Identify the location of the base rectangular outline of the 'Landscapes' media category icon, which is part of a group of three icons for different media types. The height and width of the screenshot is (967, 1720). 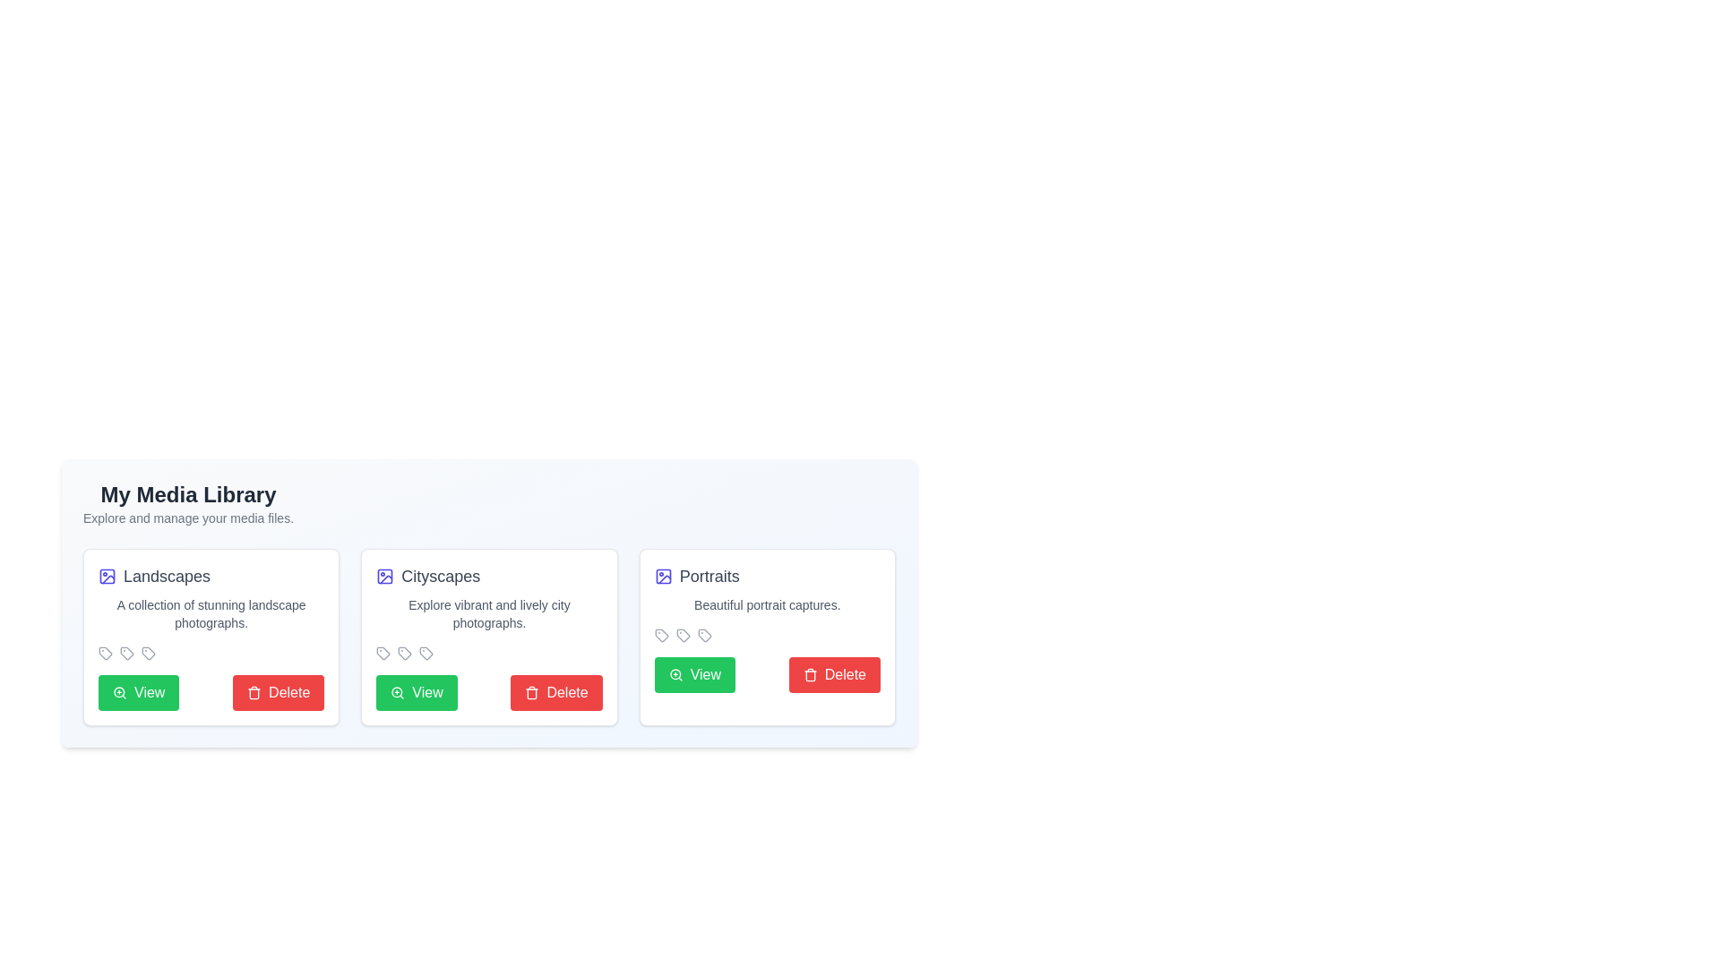
(662, 577).